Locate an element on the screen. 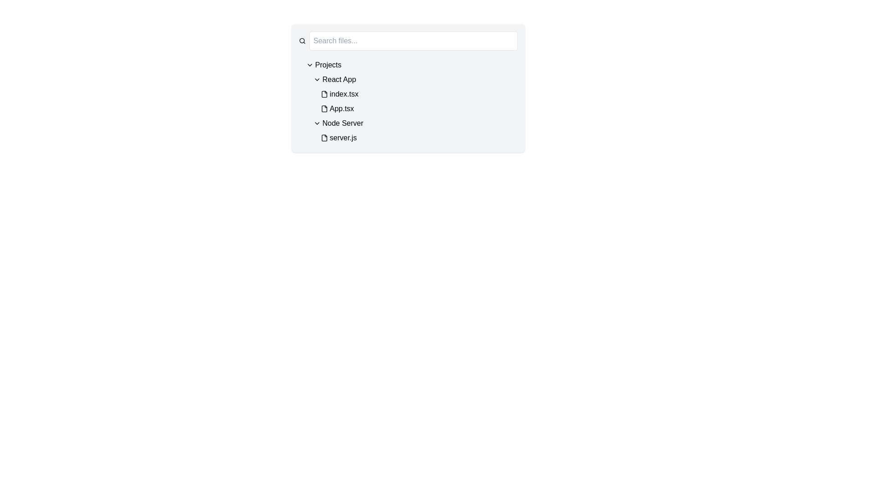  the 'server.js' file text label is located at coordinates (343, 138).